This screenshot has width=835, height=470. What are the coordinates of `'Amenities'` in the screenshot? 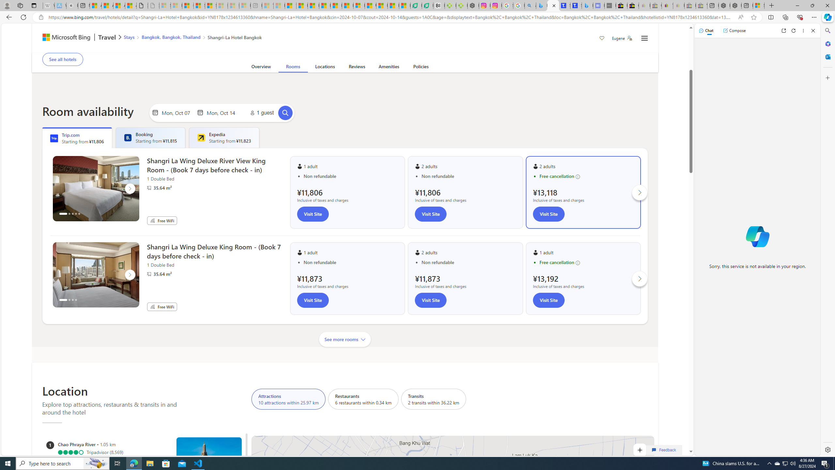 It's located at (388, 68).